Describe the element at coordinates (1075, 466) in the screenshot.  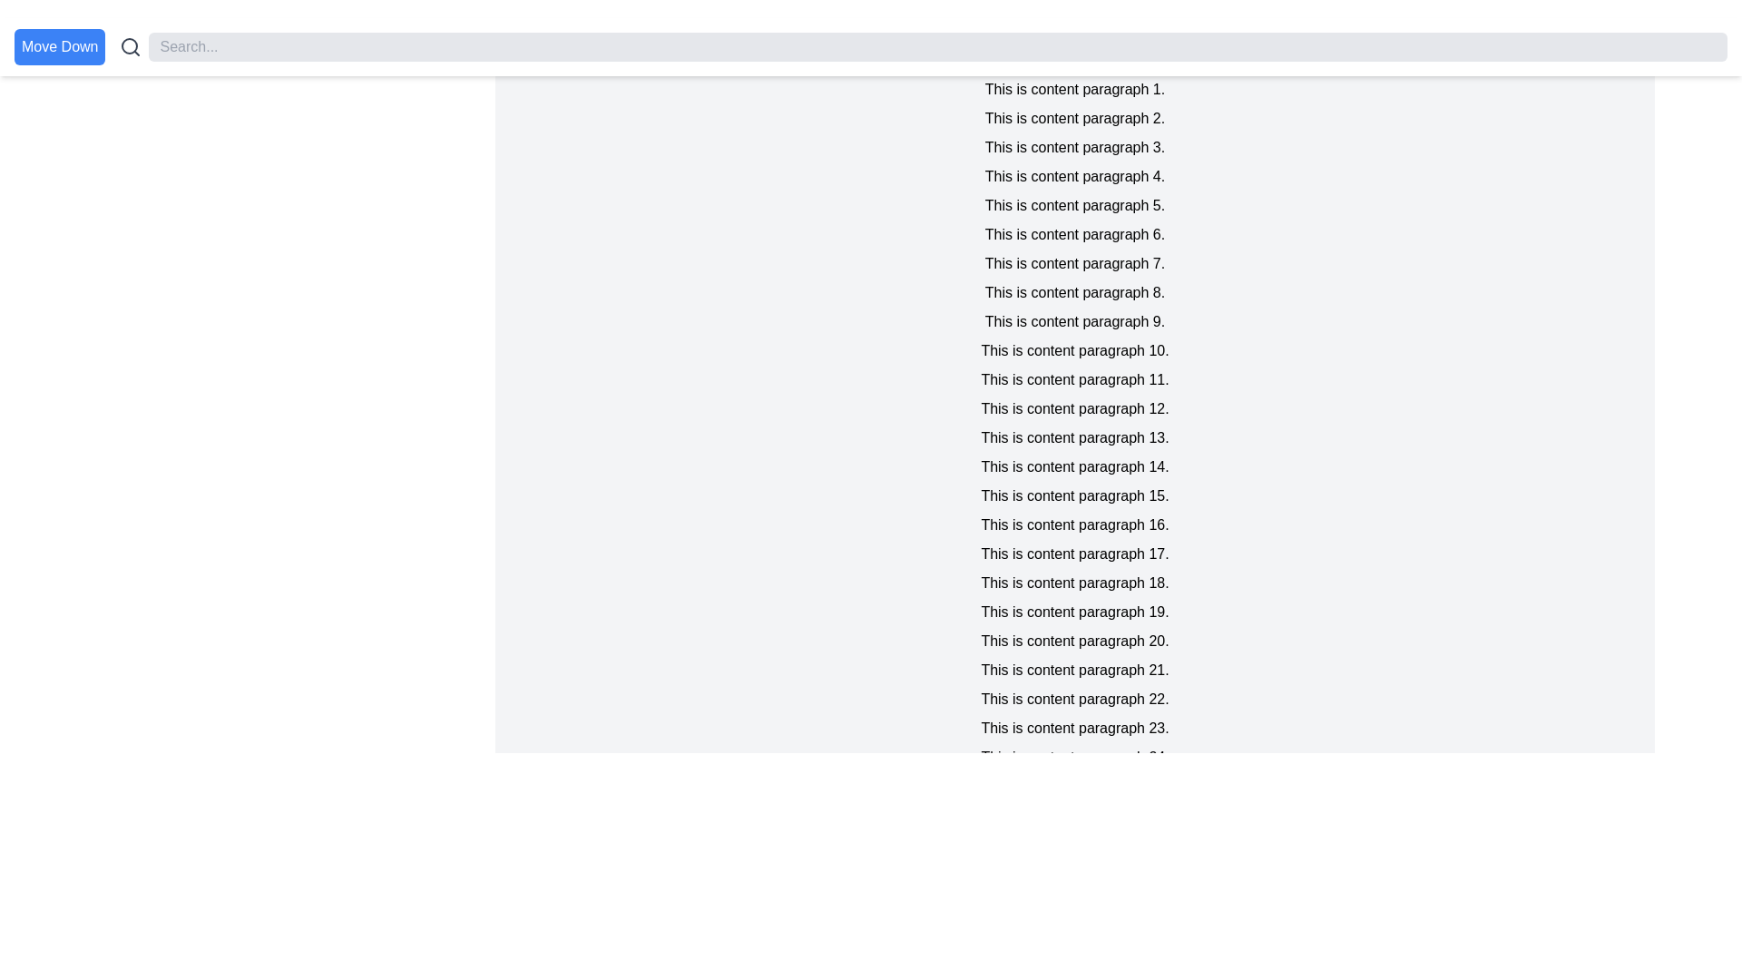
I see `the 14th paragraph in the sequence of textual content blocks, which serves as a non-interactive text display for reading information` at that location.